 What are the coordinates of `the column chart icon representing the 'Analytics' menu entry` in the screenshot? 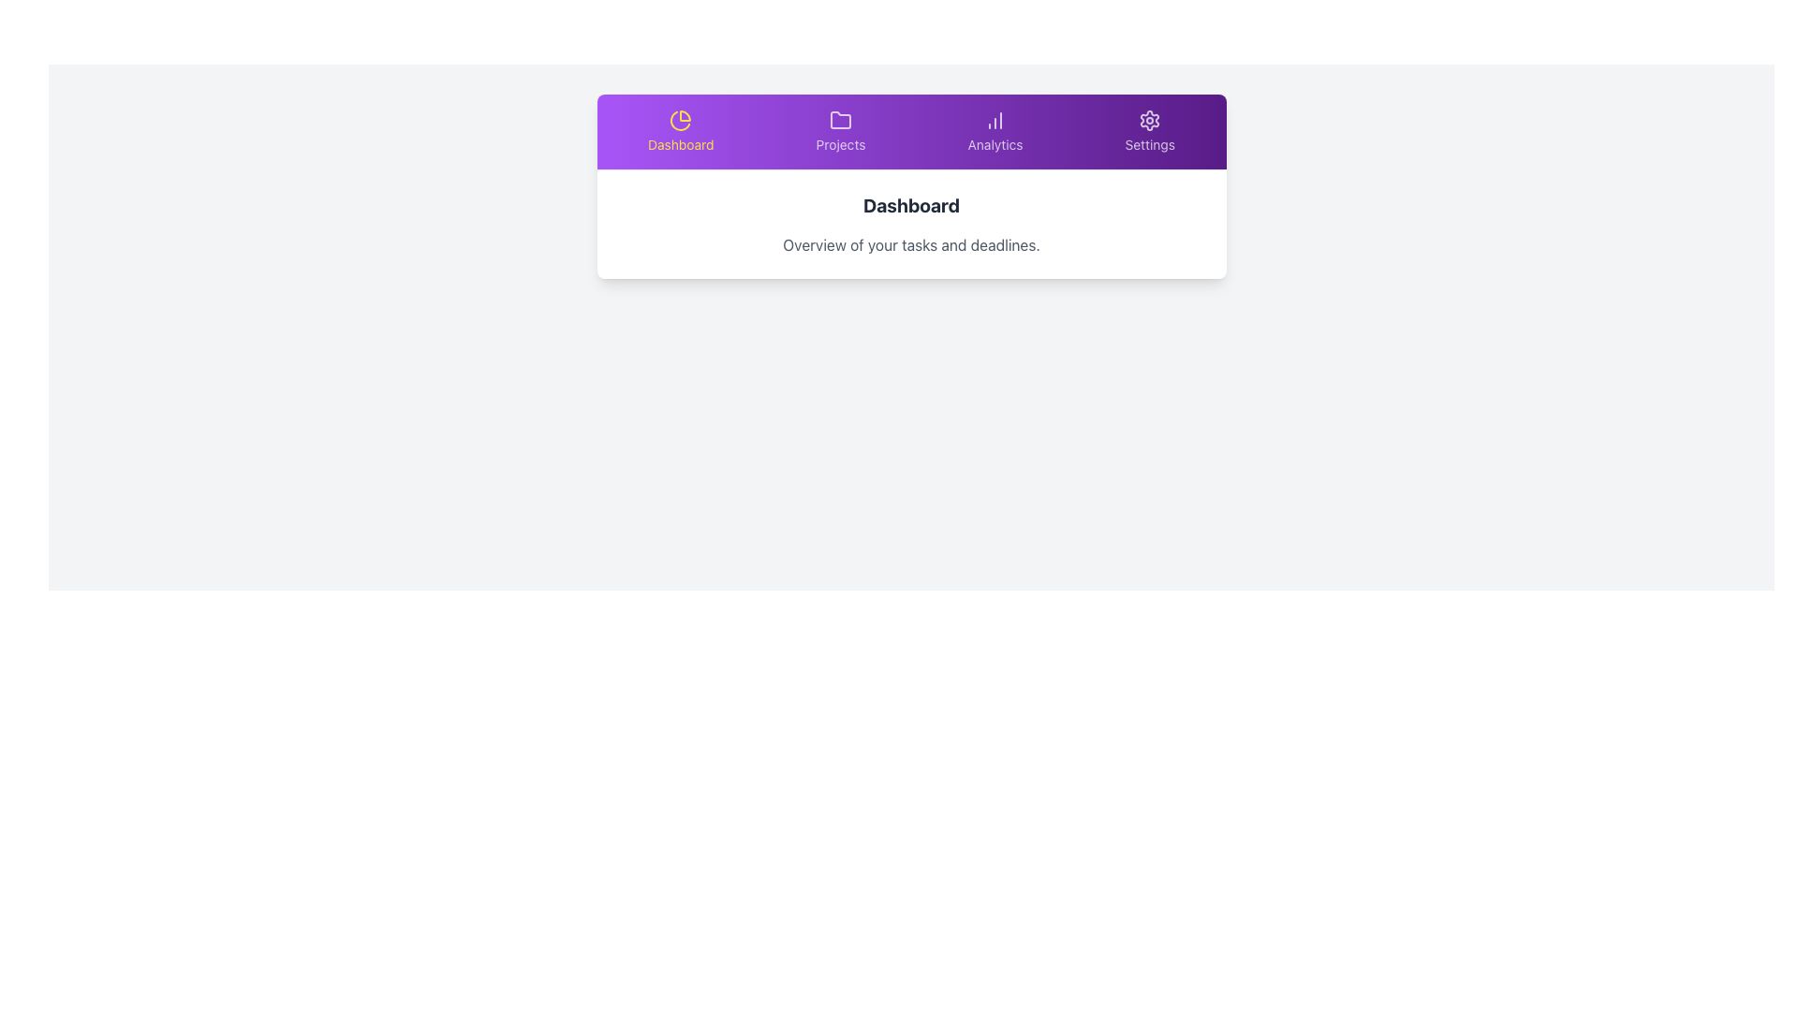 It's located at (994, 120).